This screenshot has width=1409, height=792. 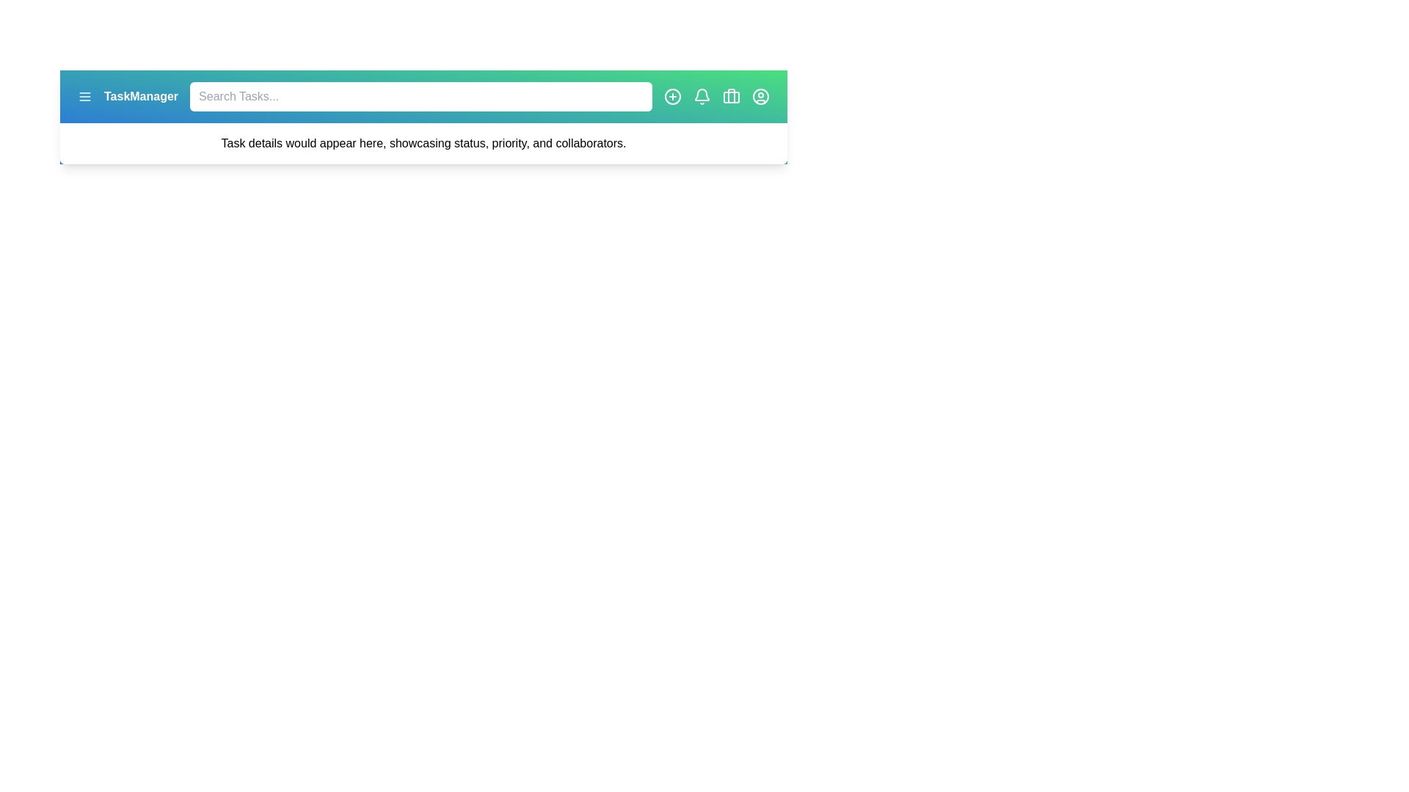 I want to click on the user profile icon to view the user profile, so click(x=760, y=96).